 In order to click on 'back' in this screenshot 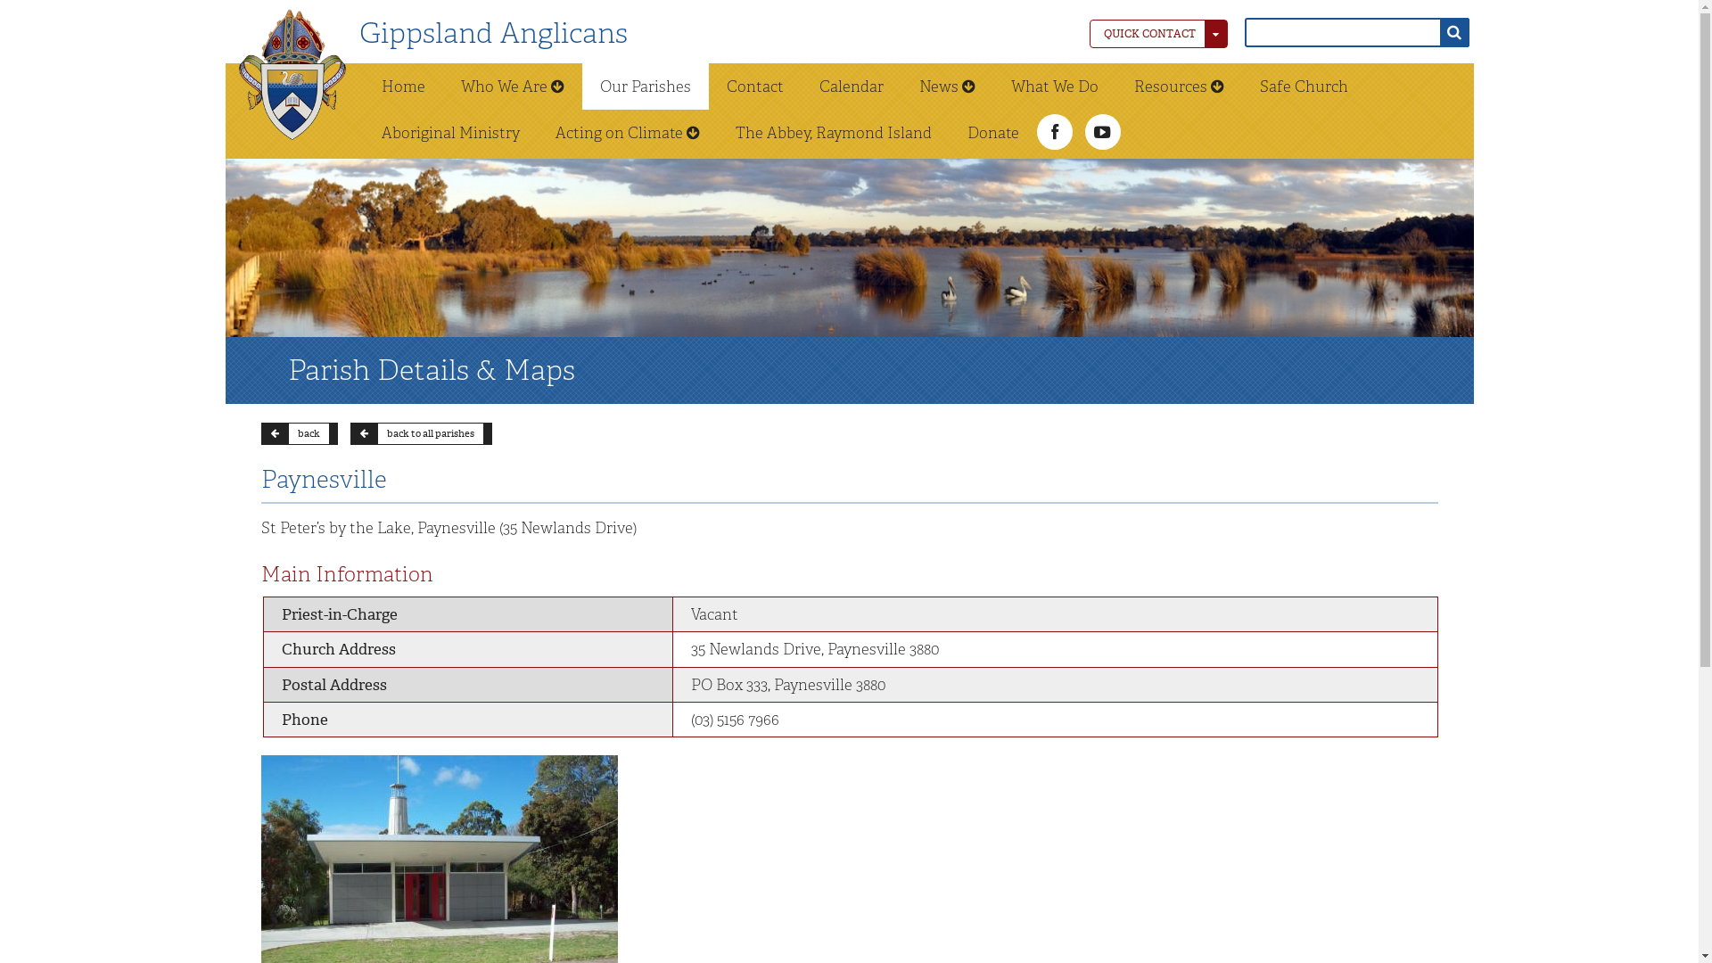, I will do `click(299, 433)`.